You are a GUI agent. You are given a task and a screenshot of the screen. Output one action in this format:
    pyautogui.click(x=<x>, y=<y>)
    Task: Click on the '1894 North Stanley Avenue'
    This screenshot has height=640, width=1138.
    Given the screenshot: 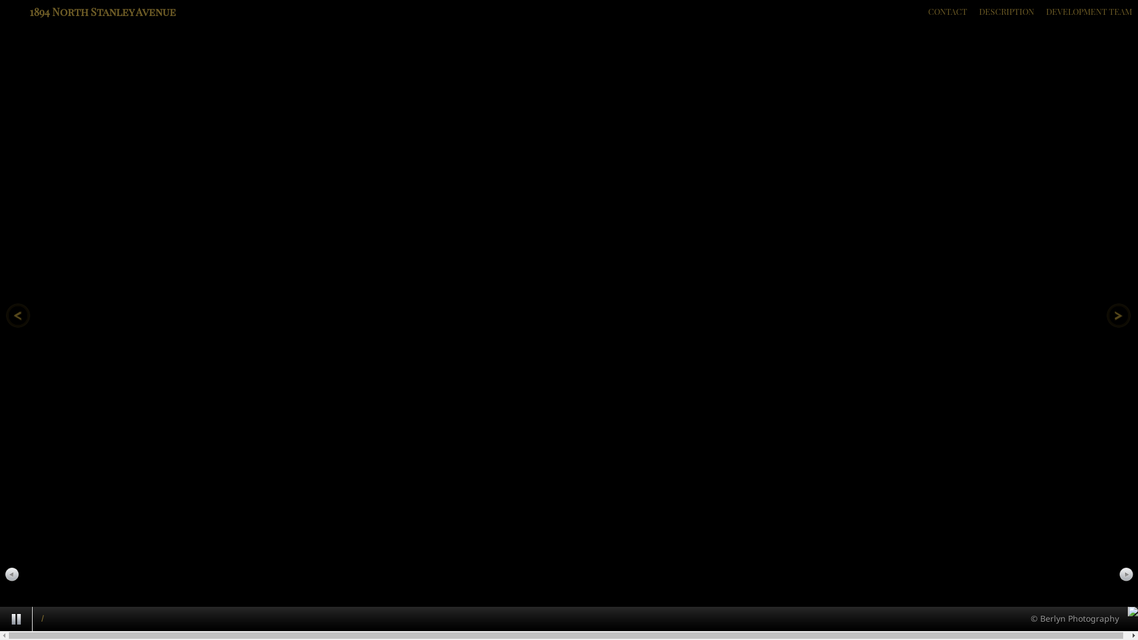 What is the action you would take?
    pyautogui.click(x=103, y=11)
    